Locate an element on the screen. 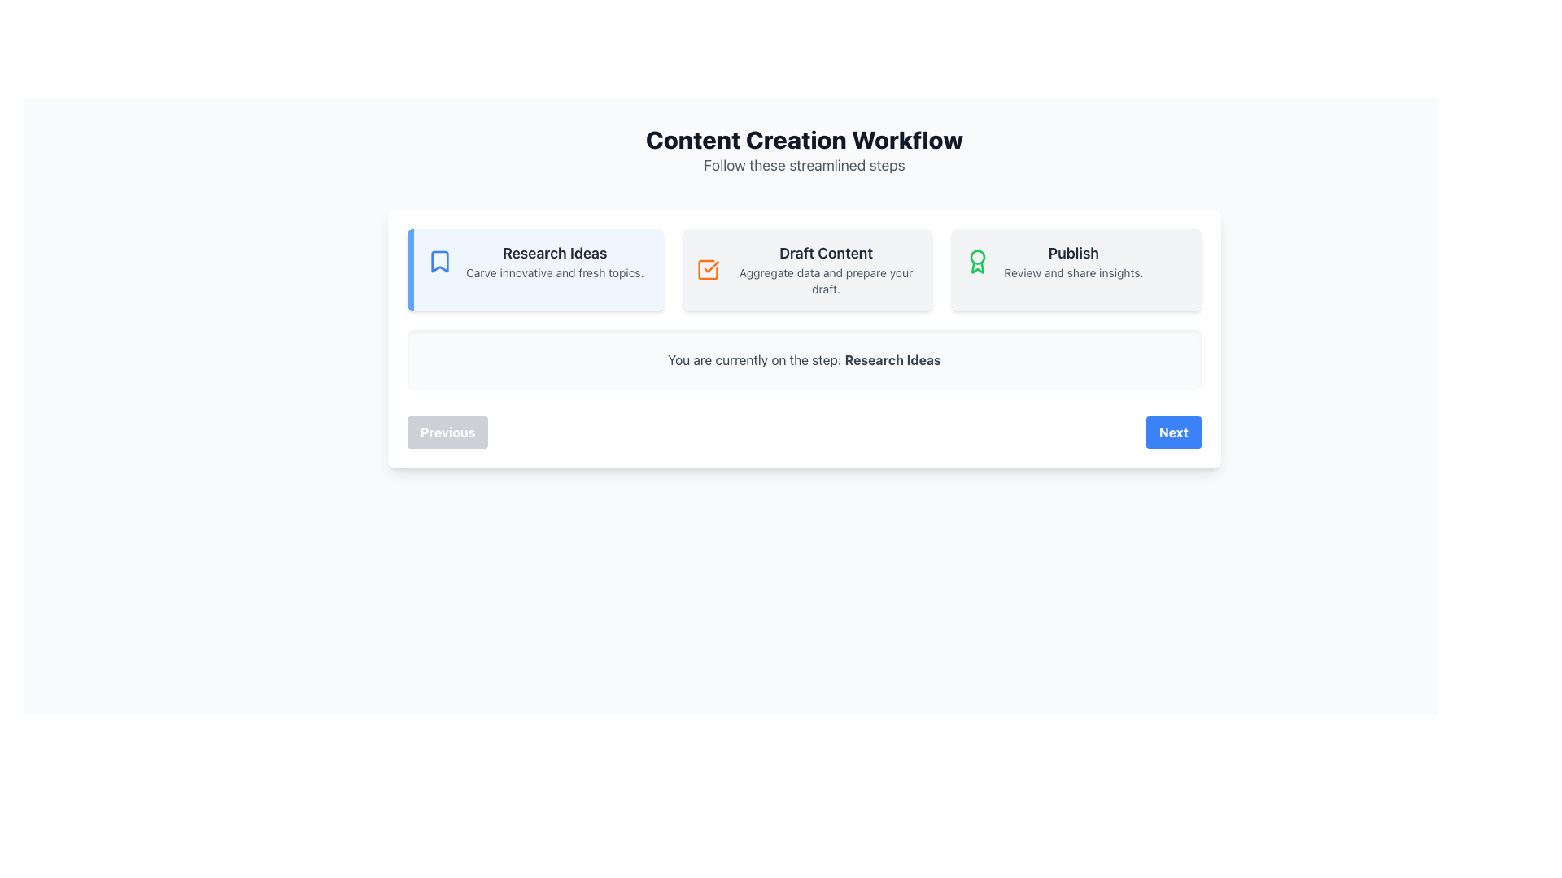 The height and width of the screenshot is (878, 1562). the Informational Label that displays 'Research Ideas' in bold dark gray and 'Carve innovative and fresh topics.' in smaller light gray text, positioned on a white card interface is located at coordinates (555, 260).